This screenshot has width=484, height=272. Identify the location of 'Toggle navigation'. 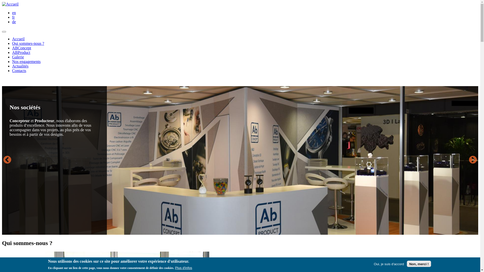
(4, 32).